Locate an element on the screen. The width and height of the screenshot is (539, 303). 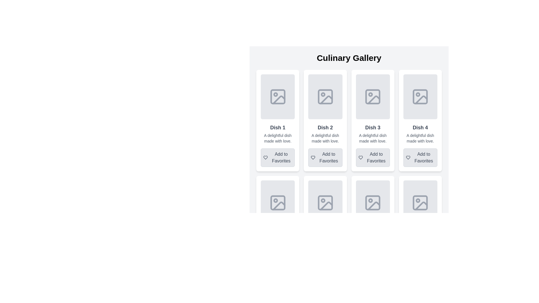
the grayscale image icon located at the top-center of the 'Dish 1' card in the Culinary Gallery grid interface is located at coordinates (278, 96).